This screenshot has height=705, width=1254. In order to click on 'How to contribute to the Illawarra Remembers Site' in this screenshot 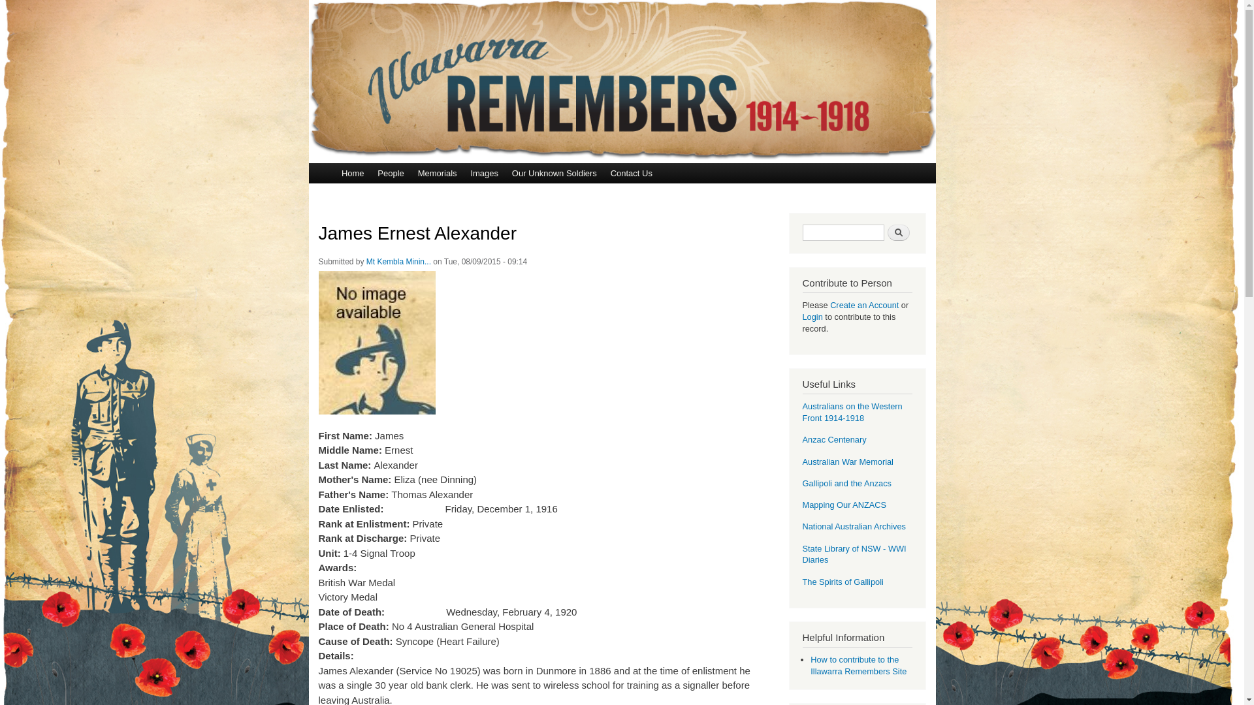, I will do `click(810, 665)`.